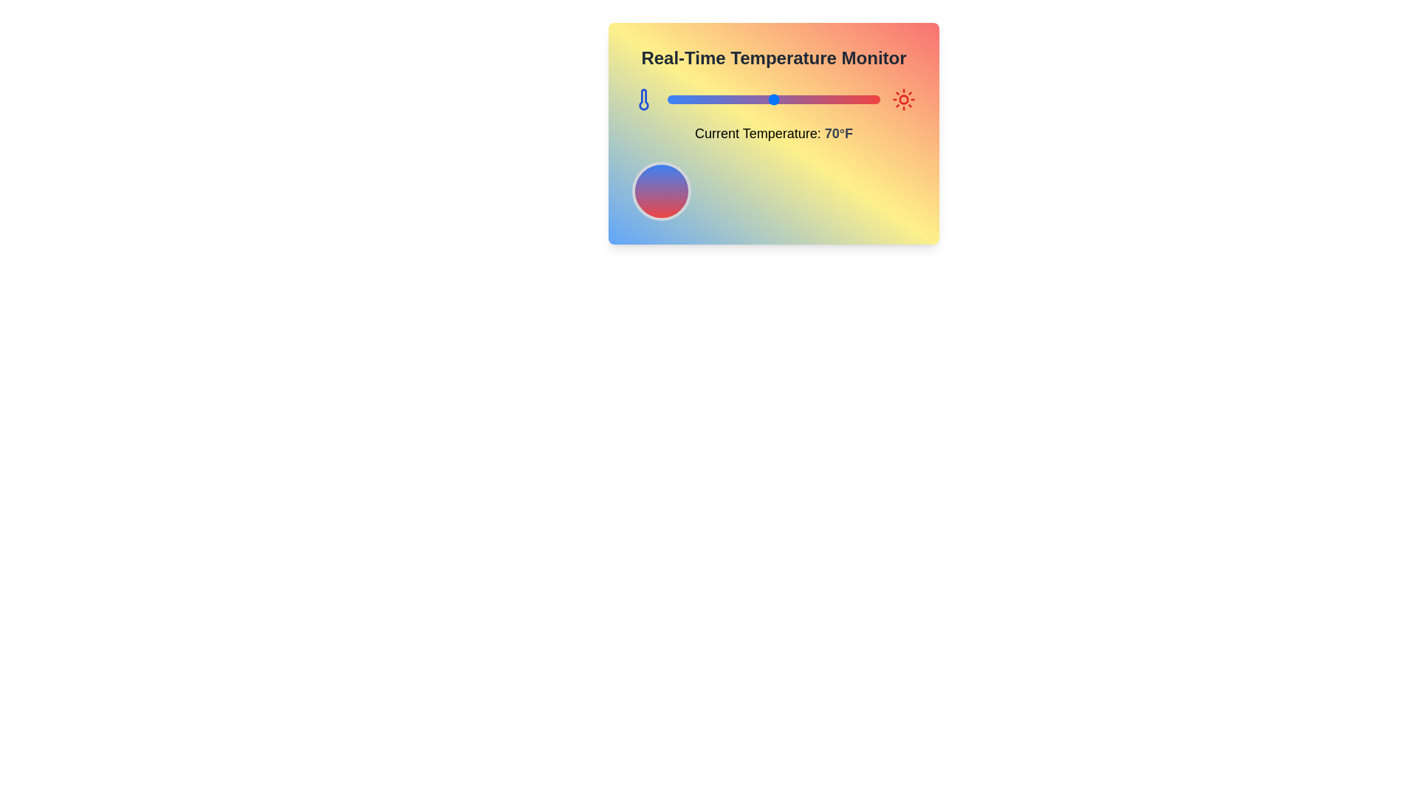  What do you see at coordinates (867, 100) in the screenshot?
I see `the temperature slider to set the temperature to 114°F` at bounding box center [867, 100].